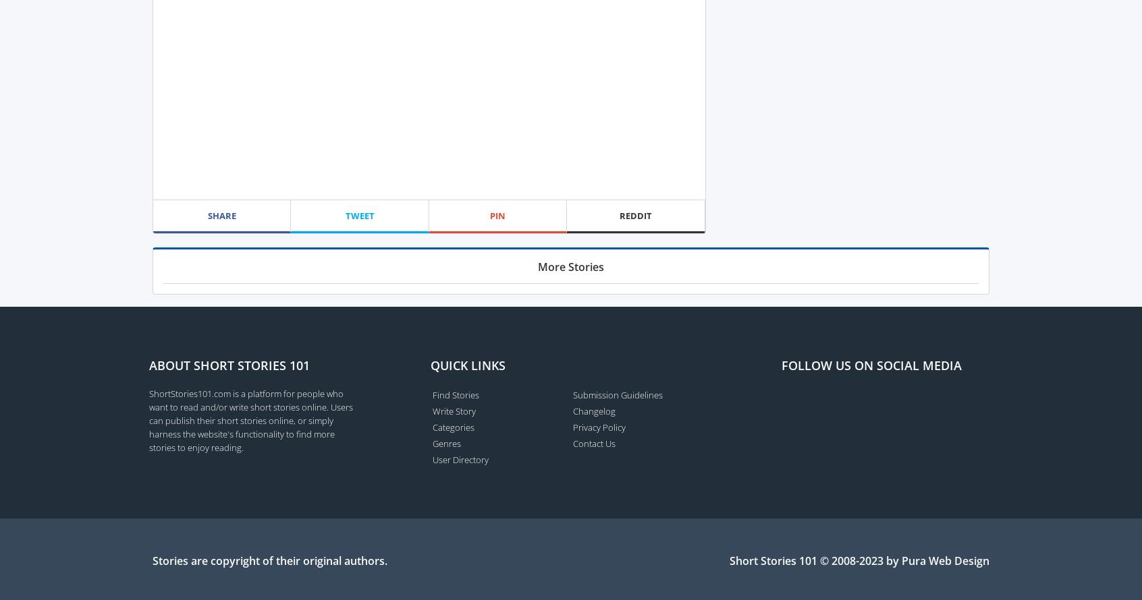 Image resolution: width=1142 pixels, height=600 pixels. What do you see at coordinates (228, 364) in the screenshot?
I see `'About Short Stories 101'` at bounding box center [228, 364].